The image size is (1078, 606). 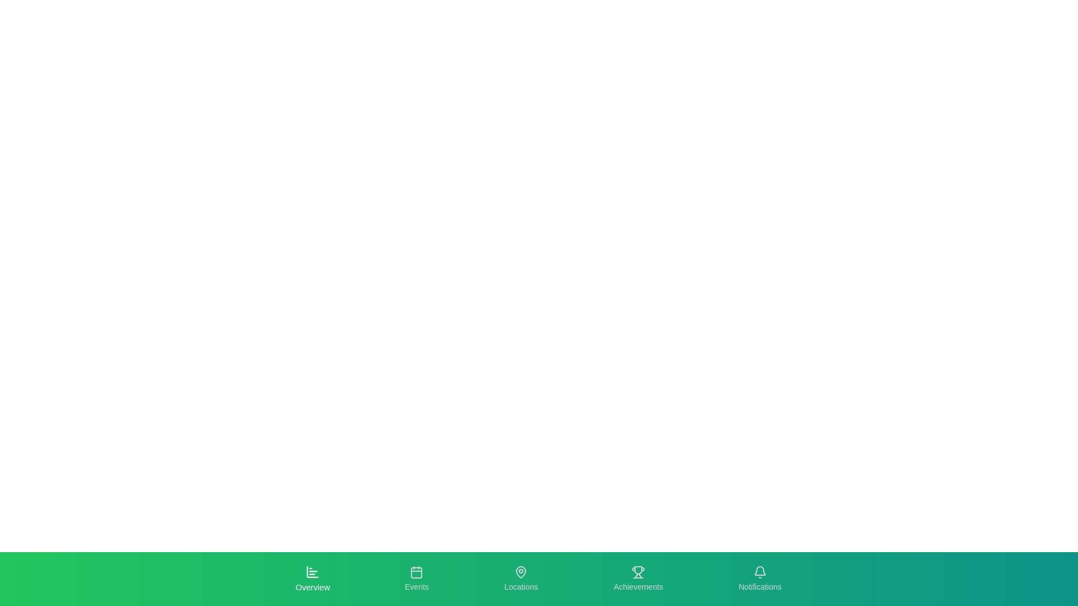 I want to click on the Notifications tab to navigate to its respective section, so click(x=760, y=579).